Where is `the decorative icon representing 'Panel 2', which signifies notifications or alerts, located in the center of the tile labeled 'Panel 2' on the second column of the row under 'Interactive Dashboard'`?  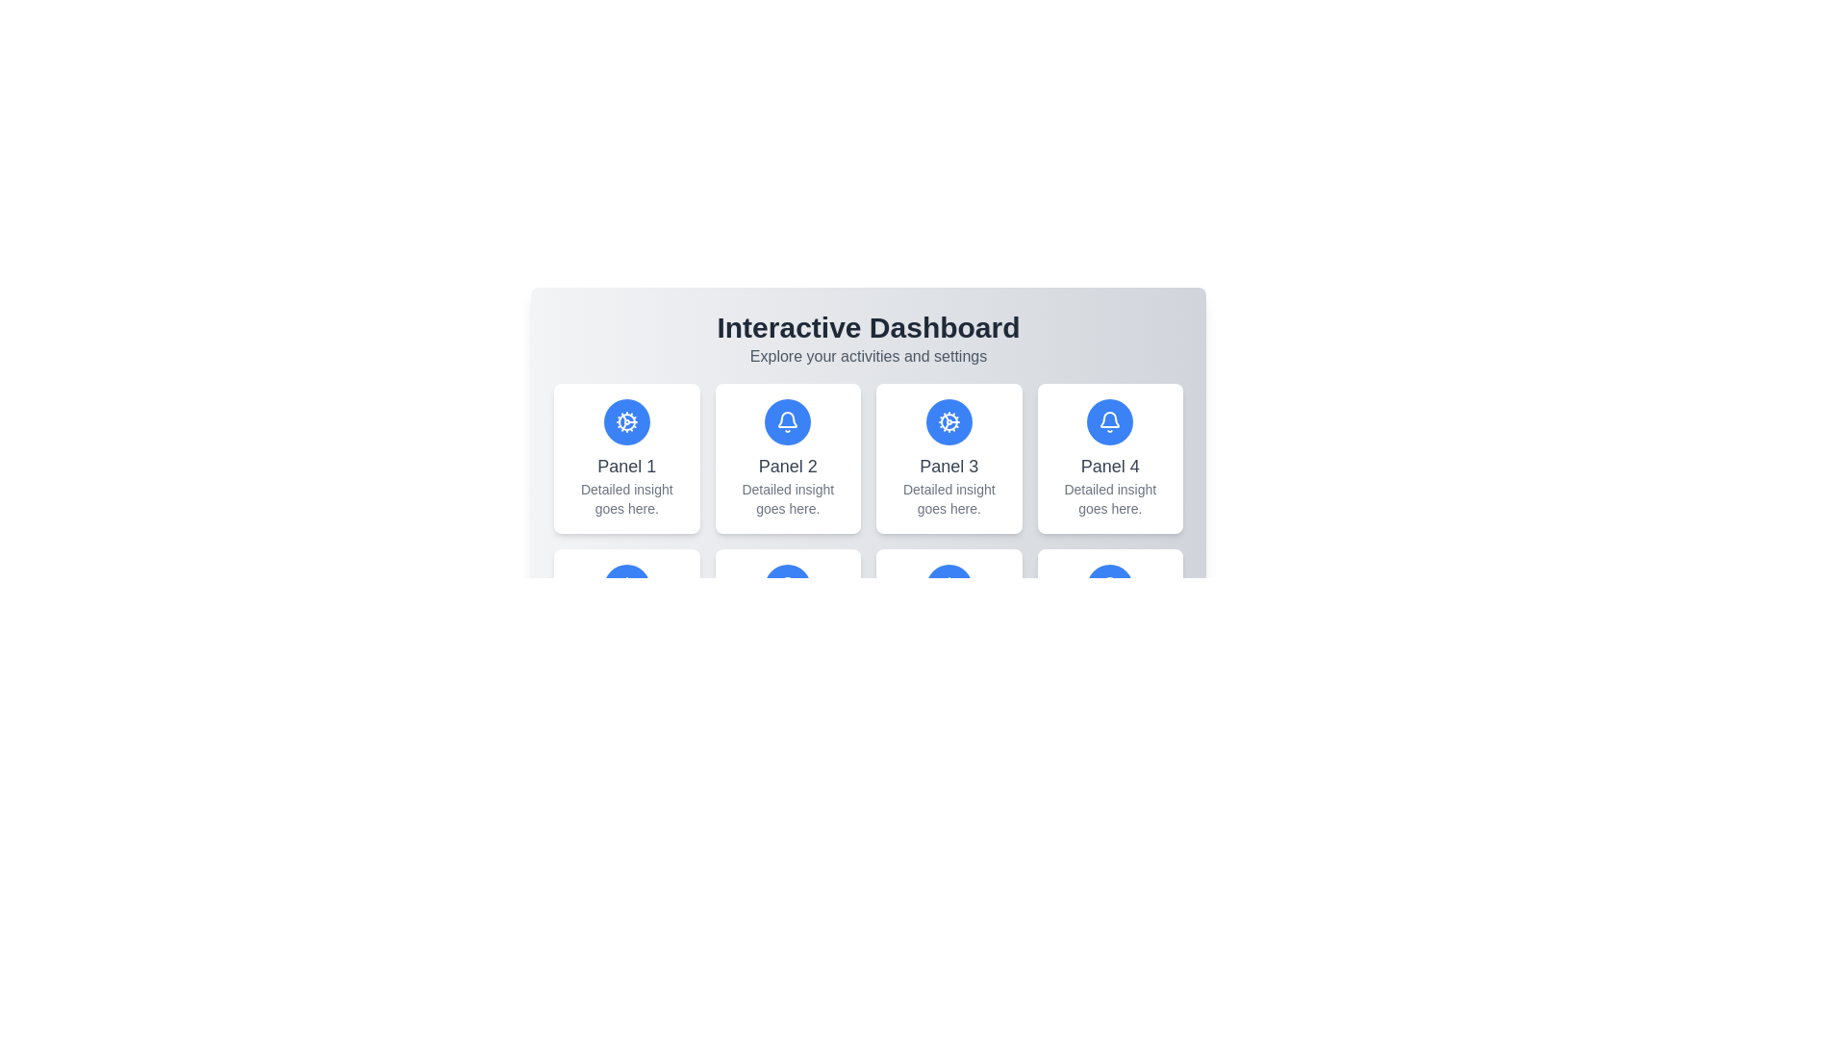 the decorative icon representing 'Panel 2', which signifies notifications or alerts, located in the center of the tile labeled 'Panel 2' on the second column of the row under 'Interactive Dashboard' is located at coordinates (788, 421).